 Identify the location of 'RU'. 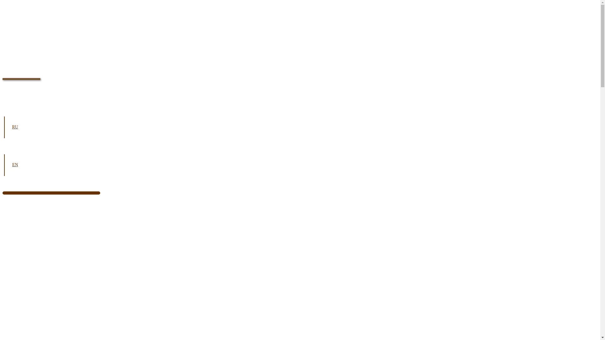
(15, 127).